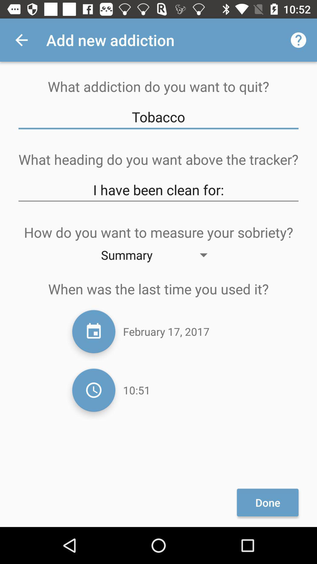  Describe the element at coordinates (268, 502) in the screenshot. I see `the blue color button at bottom right corner of the page` at that location.